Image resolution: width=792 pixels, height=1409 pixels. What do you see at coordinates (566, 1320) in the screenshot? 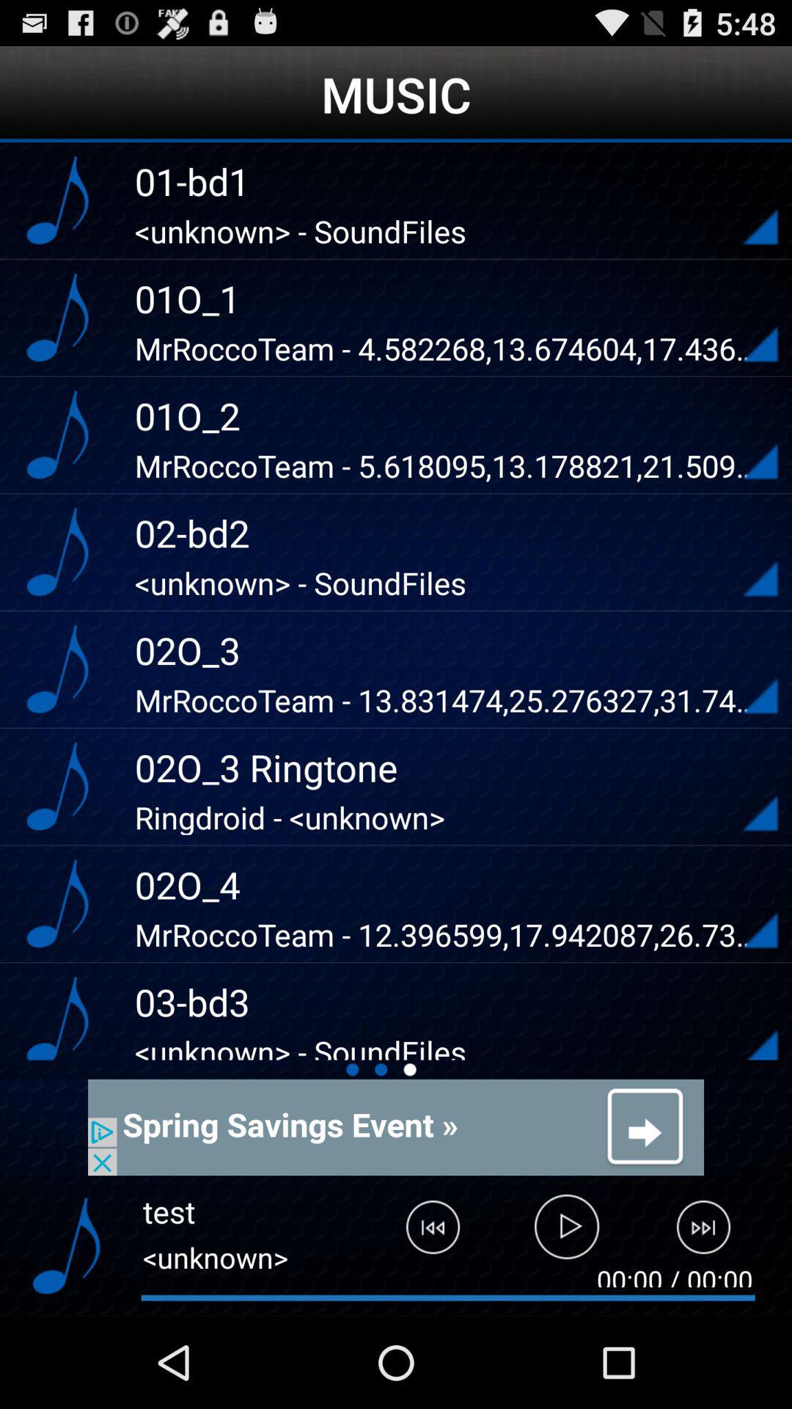
I see `the play icon` at bounding box center [566, 1320].